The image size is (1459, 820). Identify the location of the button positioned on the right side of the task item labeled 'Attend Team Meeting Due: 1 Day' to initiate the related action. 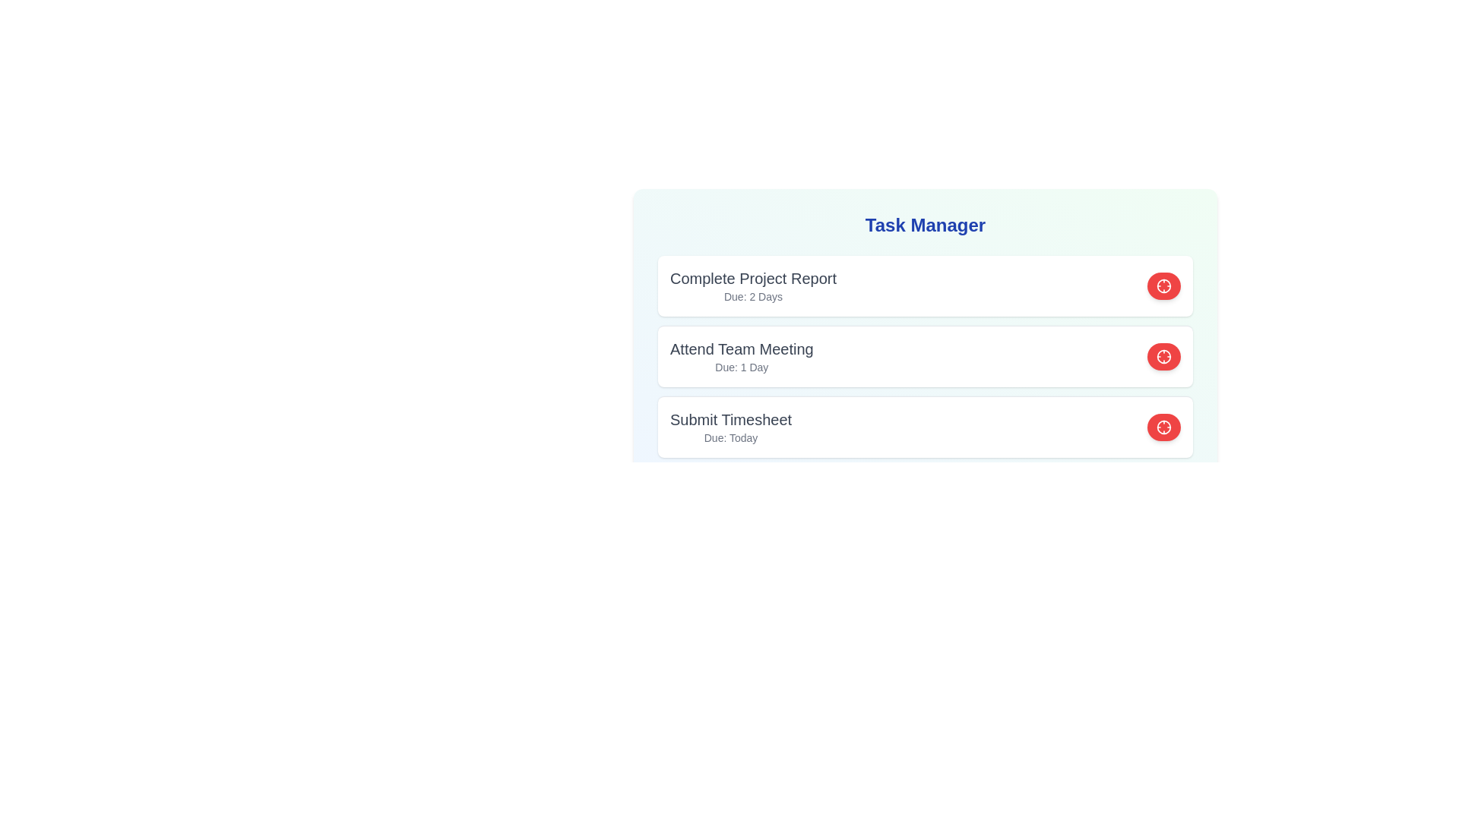
(1163, 357).